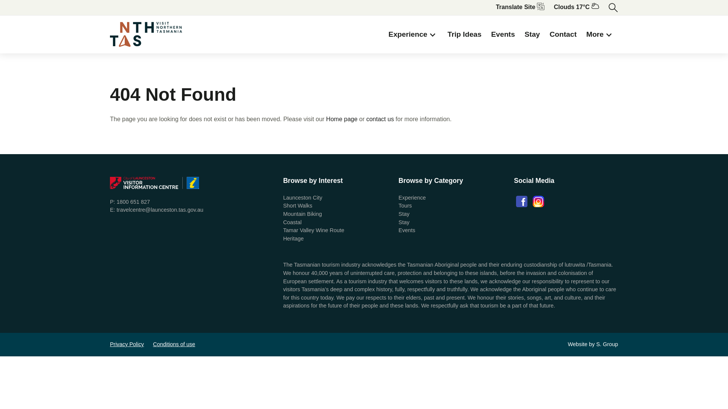 The image size is (728, 409). Describe the element at coordinates (297, 206) in the screenshot. I see `'Short Walks'` at that location.